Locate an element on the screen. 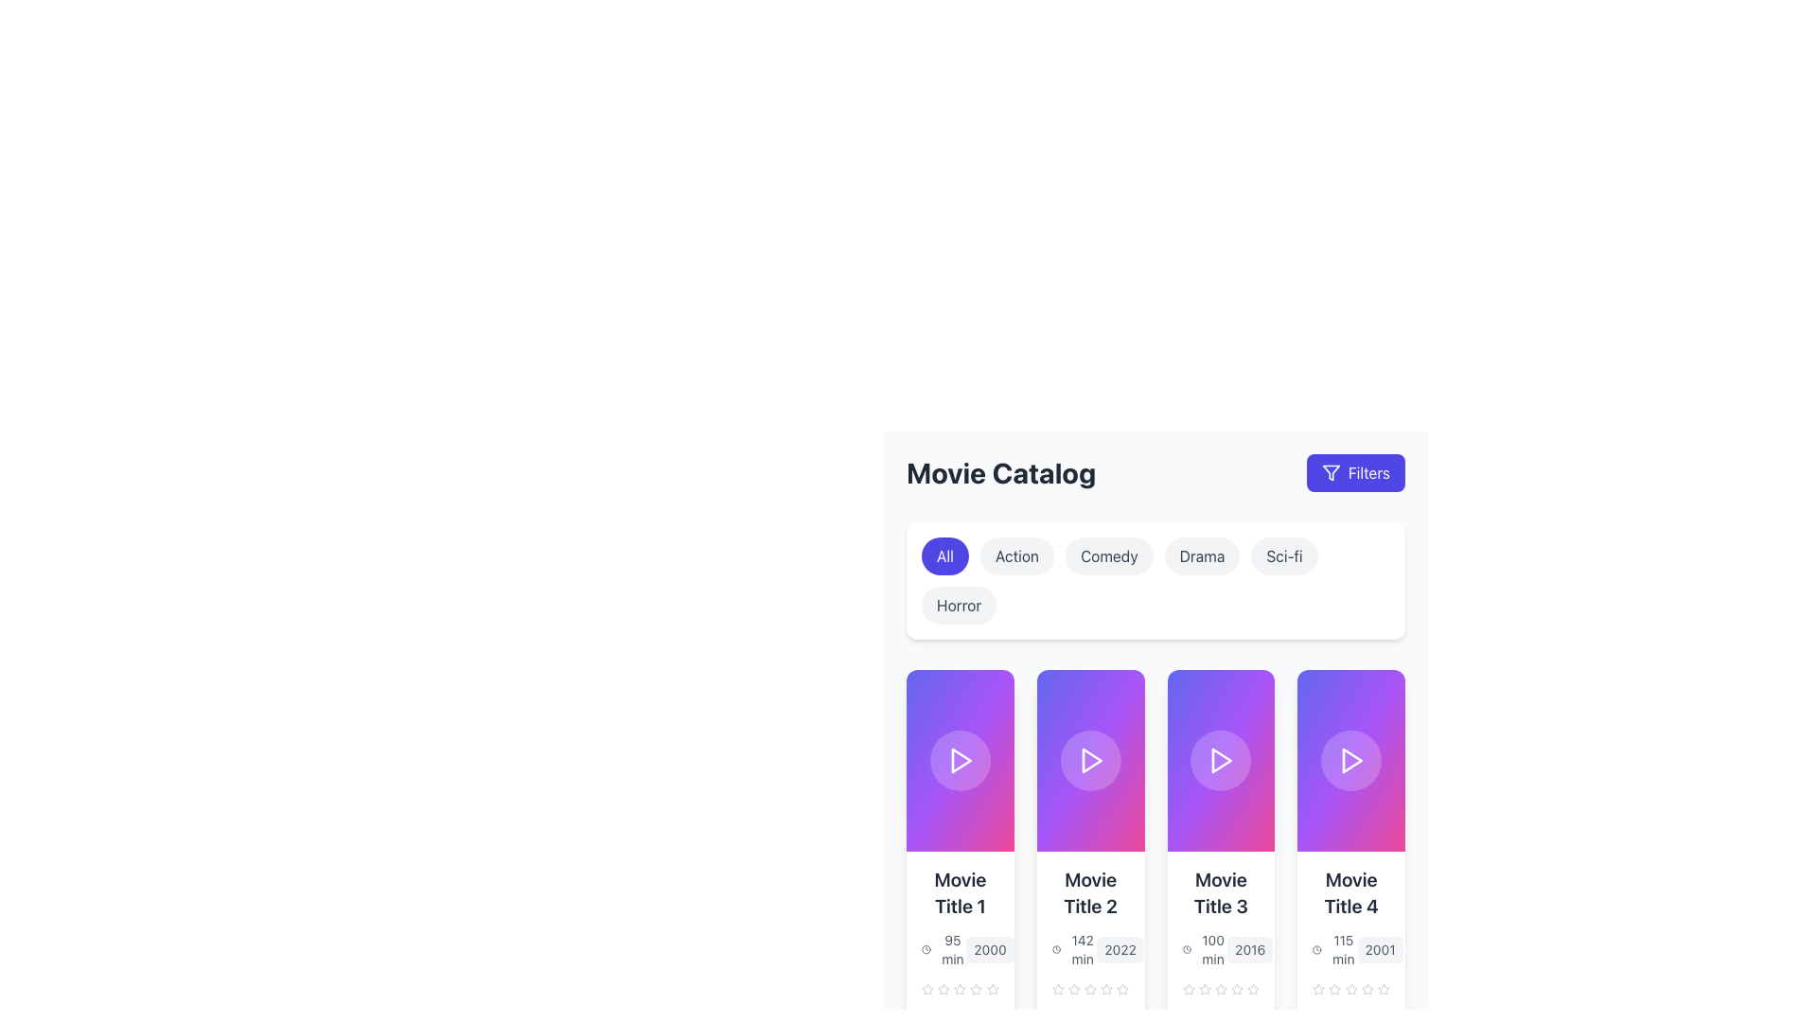 This screenshot has height=1022, width=1817. the play icon on the visual banner representing the movie 'Movie Title 1' is located at coordinates (960, 759).